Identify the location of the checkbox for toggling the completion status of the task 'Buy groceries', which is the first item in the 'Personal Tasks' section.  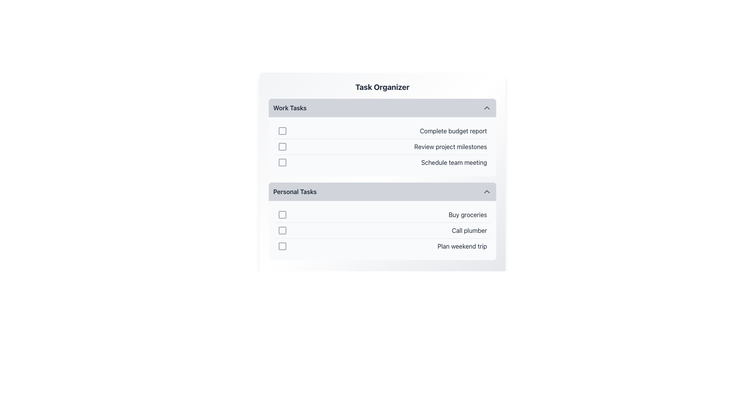
(282, 215).